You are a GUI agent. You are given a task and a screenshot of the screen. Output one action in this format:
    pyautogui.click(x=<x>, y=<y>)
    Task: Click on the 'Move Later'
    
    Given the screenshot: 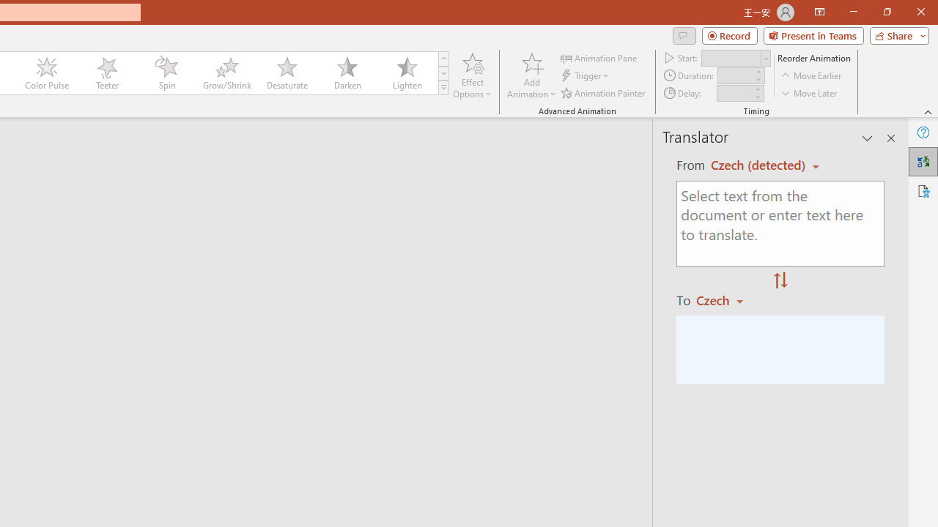 What is the action you would take?
    pyautogui.click(x=809, y=93)
    